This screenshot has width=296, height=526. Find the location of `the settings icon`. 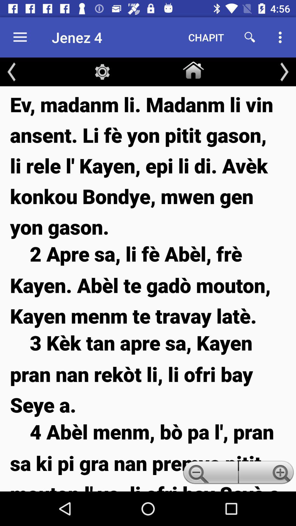

the settings icon is located at coordinates (102, 72).